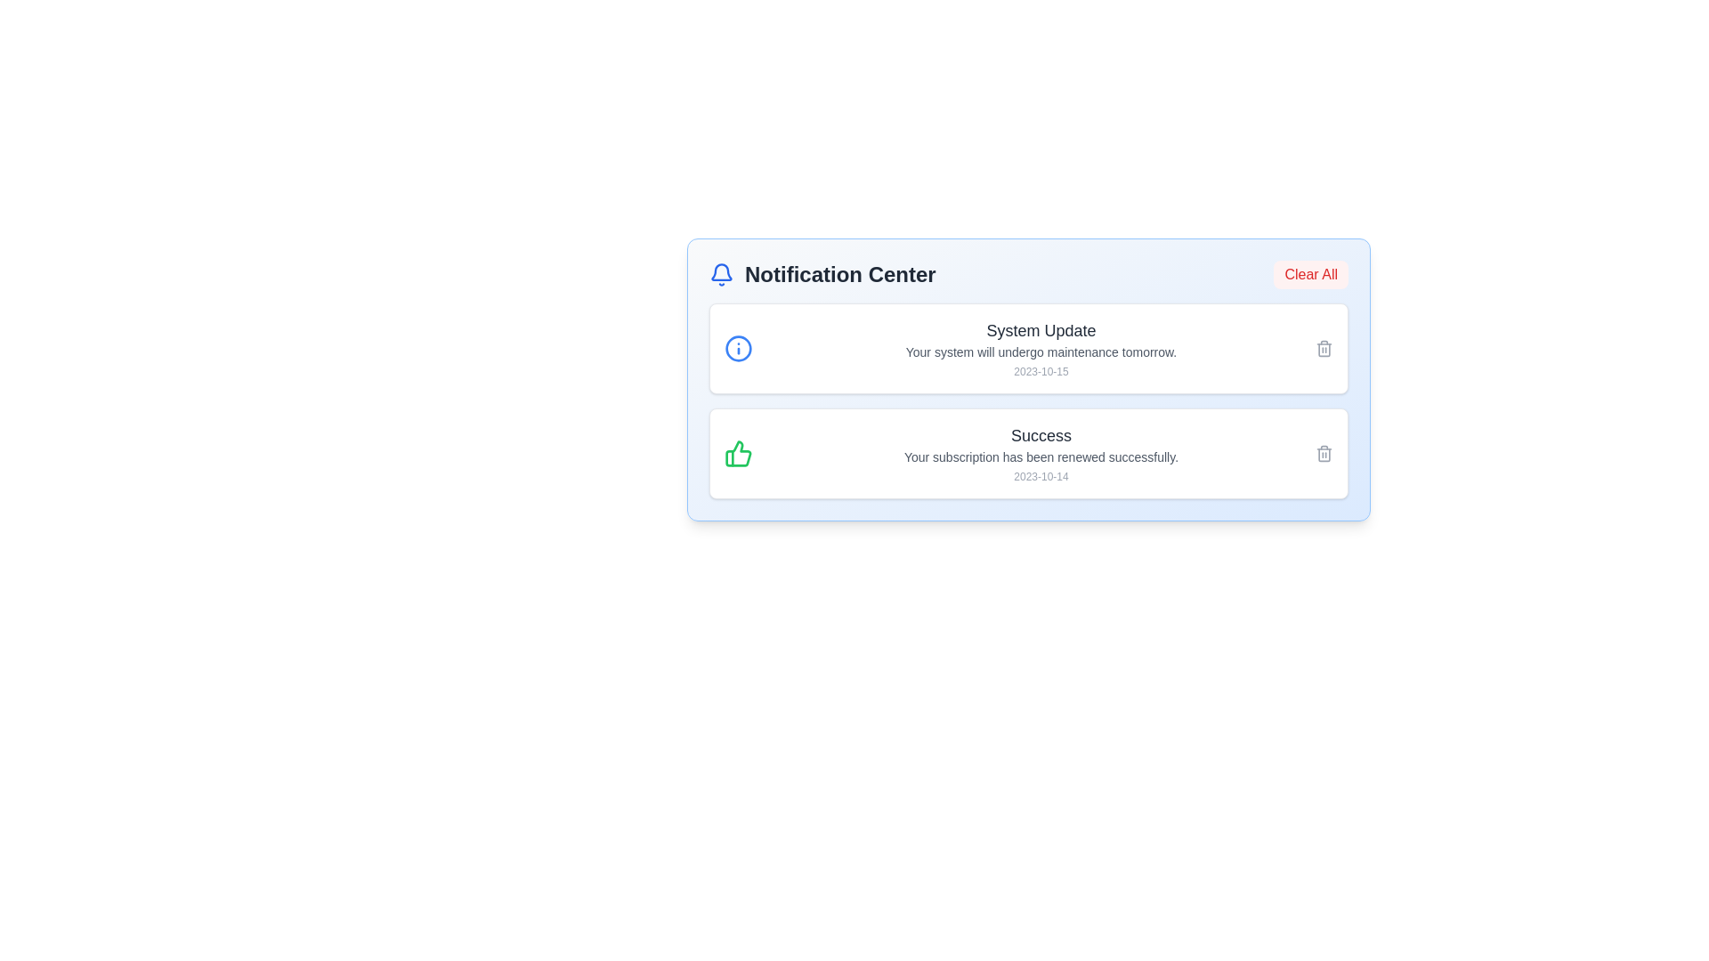  What do you see at coordinates (839, 274) in the screenshot?
I see `the 'Notification Center' text label, which is styled in bold and large dark gray font, located to the right of a blue bell icon in the notification panel's top section` at bounding box center [839, 274].